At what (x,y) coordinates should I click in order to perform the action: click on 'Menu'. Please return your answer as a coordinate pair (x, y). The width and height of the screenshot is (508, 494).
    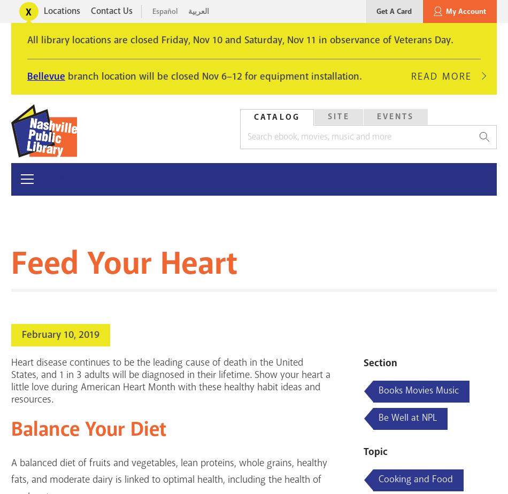
    Looking at the image, I should click on (56, 179).